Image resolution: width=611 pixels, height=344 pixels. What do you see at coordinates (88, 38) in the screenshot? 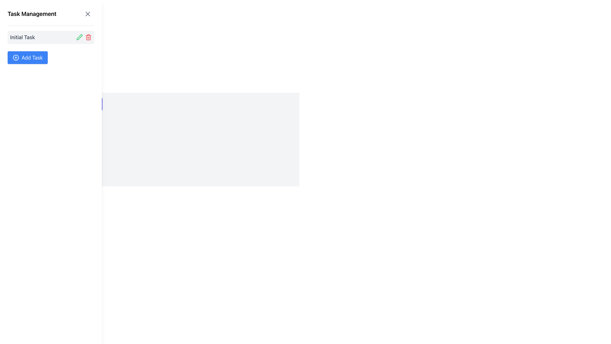
I see `the trash bin icon element that signifies deletion or removal, located on the right side of the task management interface` at bounding box center [88, 38].